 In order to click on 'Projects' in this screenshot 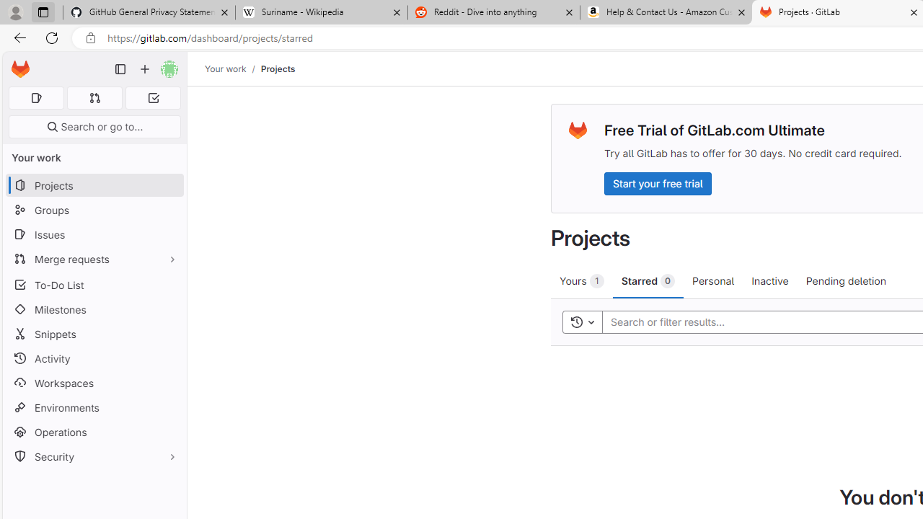, I will do `click(278, 68)`.